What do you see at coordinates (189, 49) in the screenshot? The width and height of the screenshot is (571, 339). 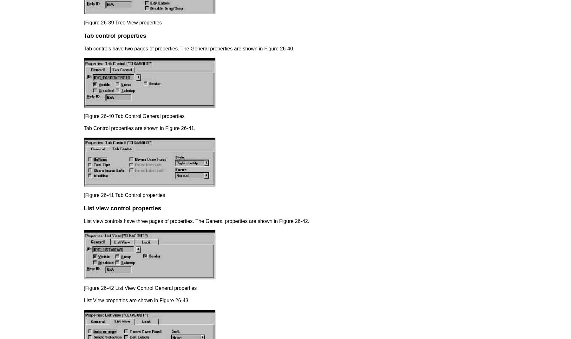 I see `'Tab controls have two pages of properties. The General properties 
are shown in Figure 26-40.'` at bounding box center [189, 49].